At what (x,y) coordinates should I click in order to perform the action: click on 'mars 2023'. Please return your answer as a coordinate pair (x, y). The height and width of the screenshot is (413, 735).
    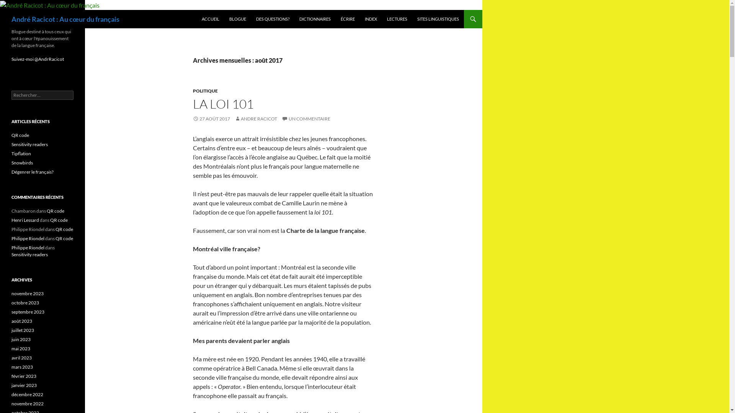
    Looking at the image, I should click on (22, 366).